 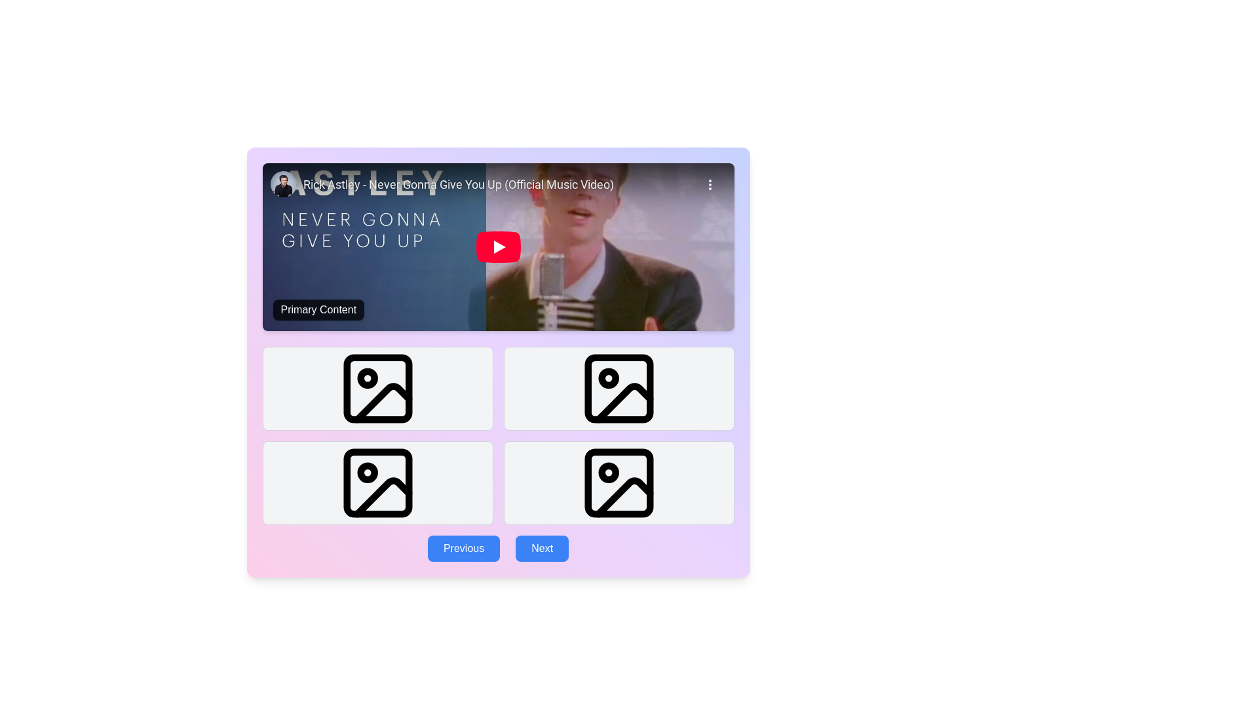 I want to click on the decorative shape located in the rightmost image placeholder of the bottom row in a 2x3 grid layout, so click(x=618, y=482).